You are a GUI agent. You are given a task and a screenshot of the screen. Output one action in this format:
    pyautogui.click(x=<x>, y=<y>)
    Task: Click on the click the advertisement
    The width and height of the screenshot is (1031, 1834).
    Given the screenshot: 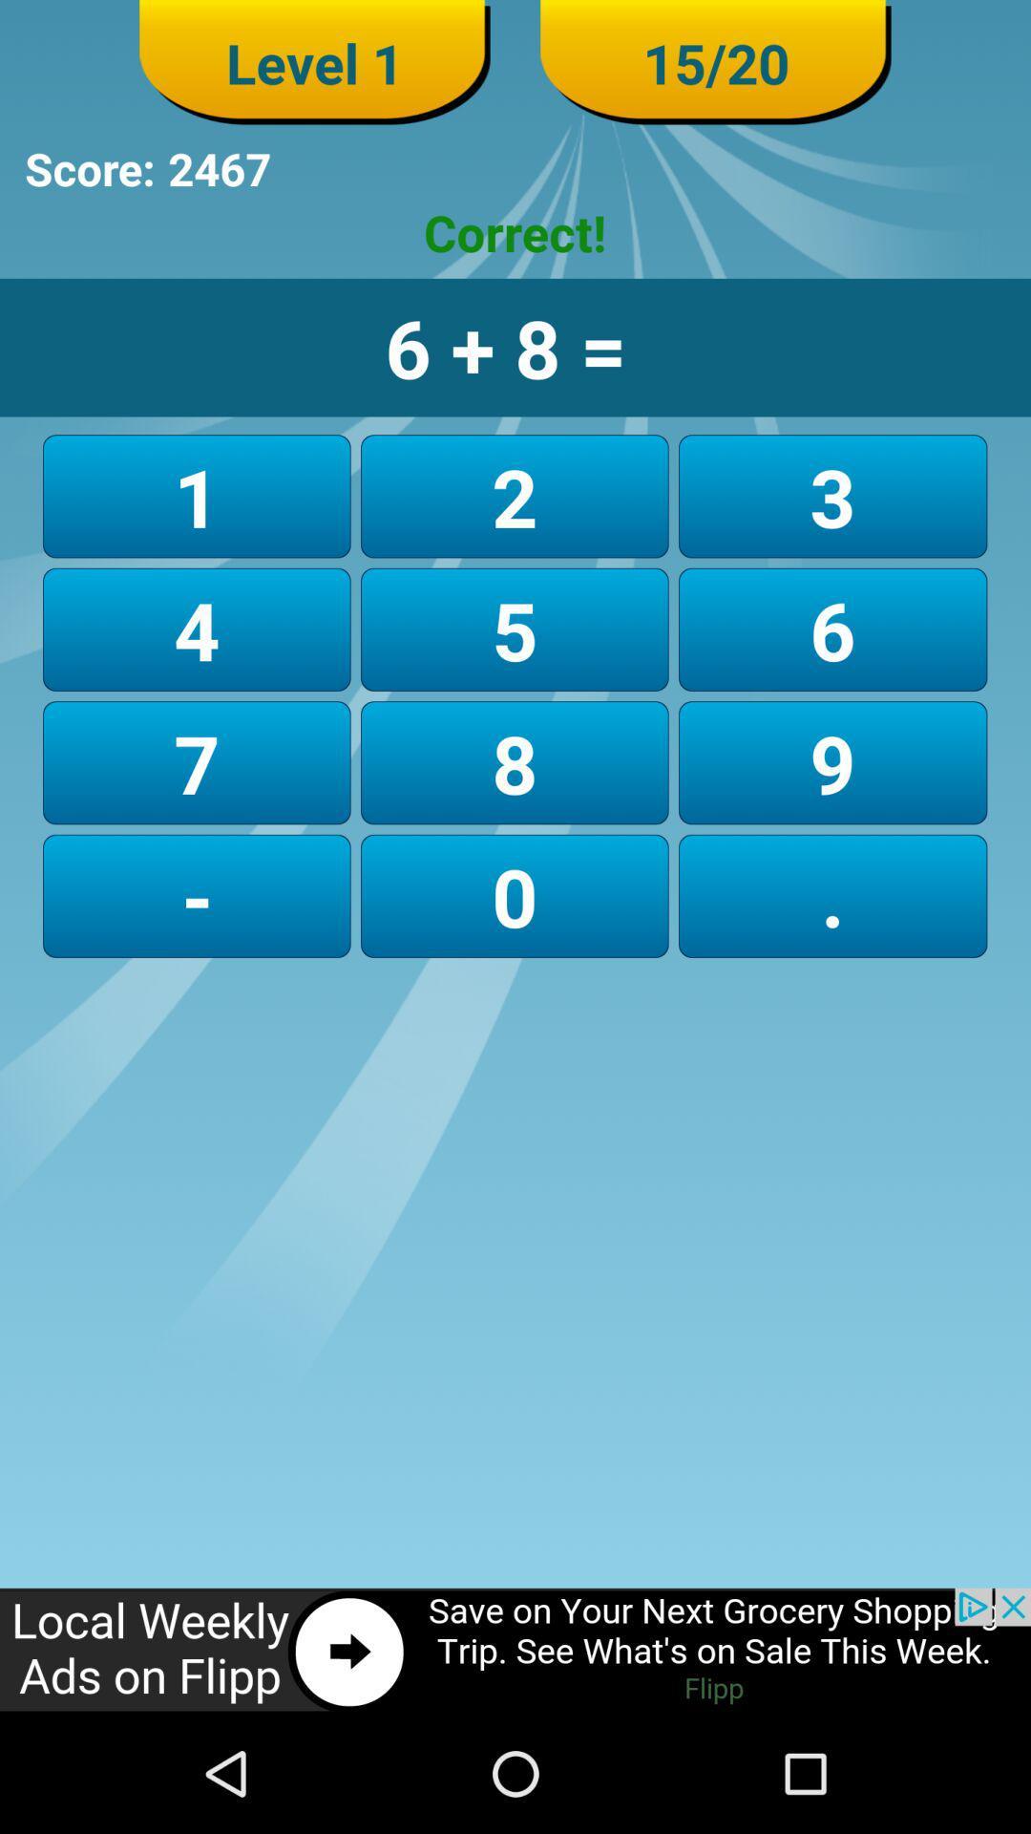 What is the action you would take?
    pyautogui.click(x=515, y=1650)
    